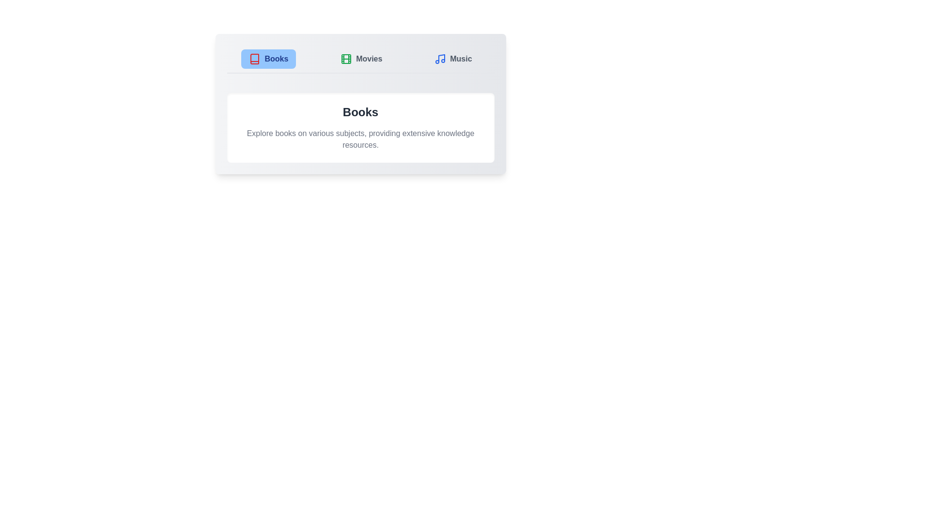  What do you see at coordinates (452, 59) in the screenshot?
I see `the Music tab to switch its content` at bounding box center [452, 59].